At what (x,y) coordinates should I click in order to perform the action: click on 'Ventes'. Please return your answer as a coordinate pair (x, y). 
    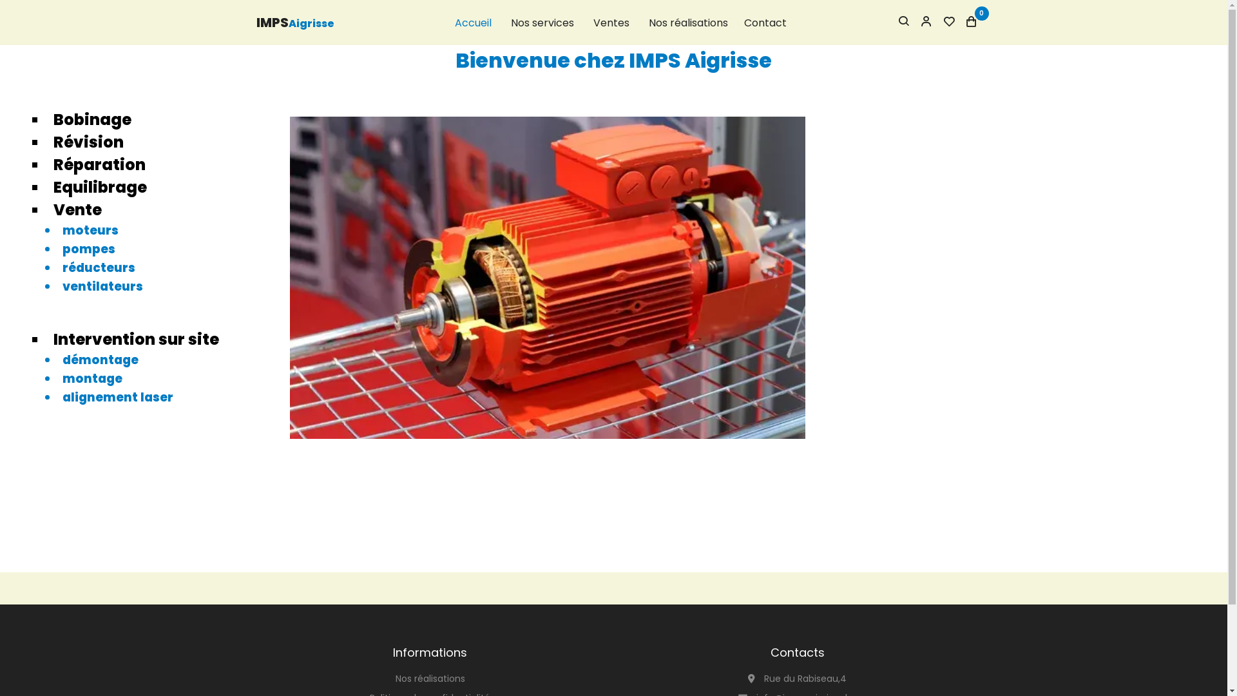
    Looking at the image, I should click on (610, 23).